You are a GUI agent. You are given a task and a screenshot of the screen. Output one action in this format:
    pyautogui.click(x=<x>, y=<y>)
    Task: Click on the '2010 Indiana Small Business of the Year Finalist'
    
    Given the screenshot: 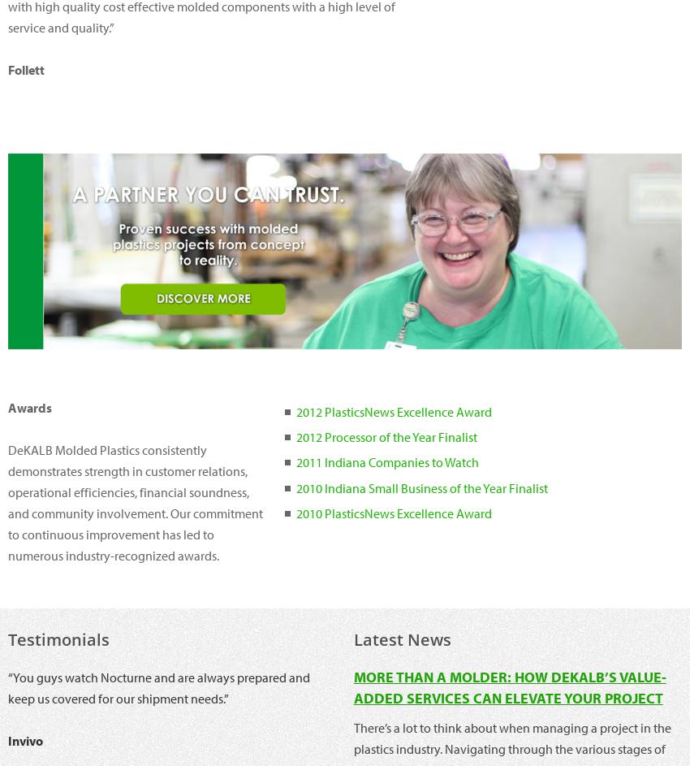 What is the action you would take?
    pyautogui.click(x=420, y=487)
    